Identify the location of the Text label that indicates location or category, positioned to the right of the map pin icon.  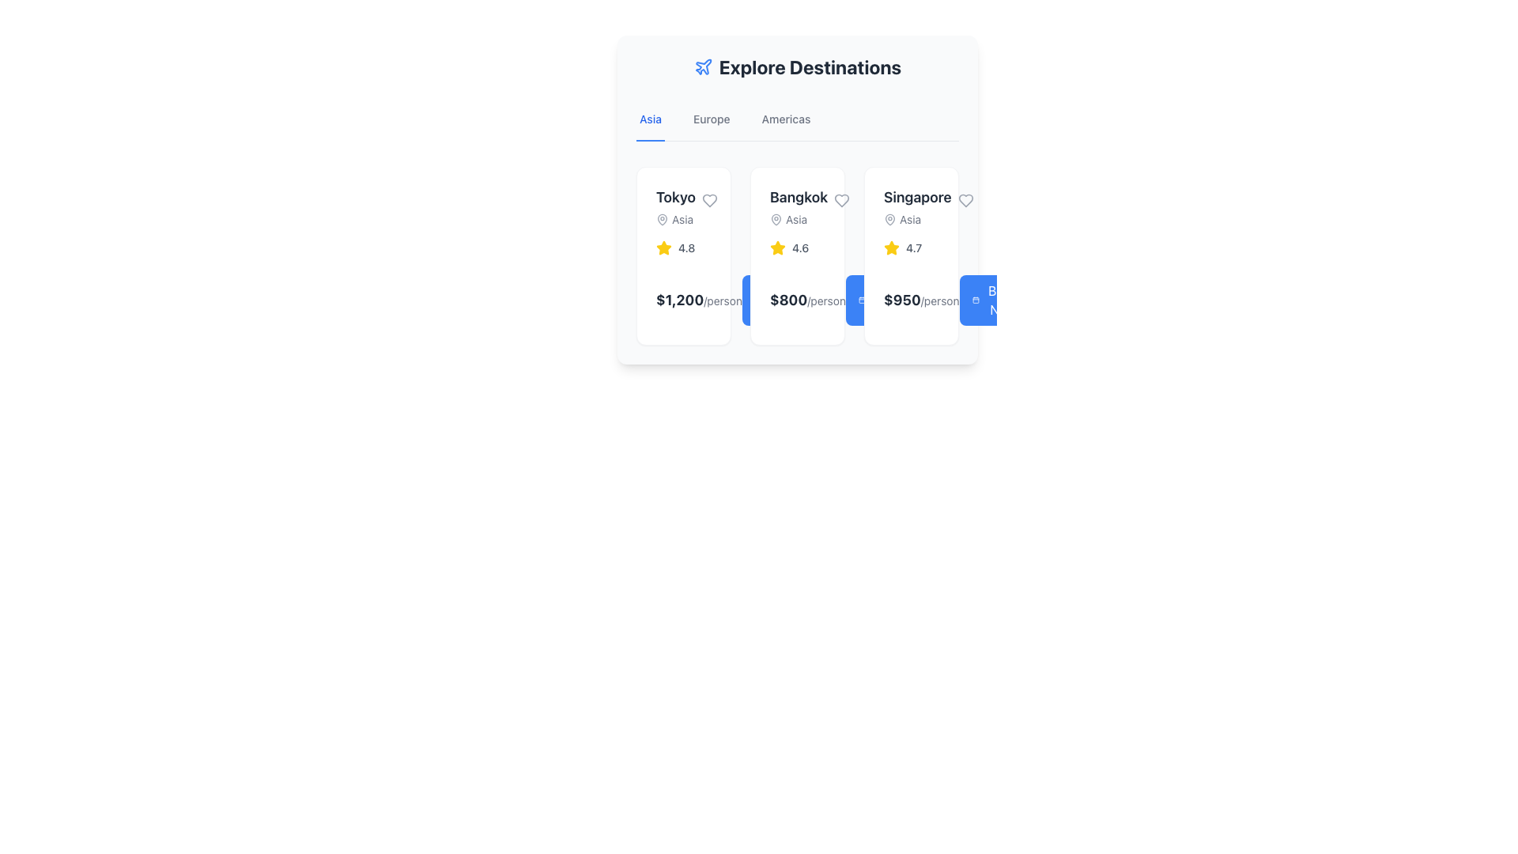
(682, 219).